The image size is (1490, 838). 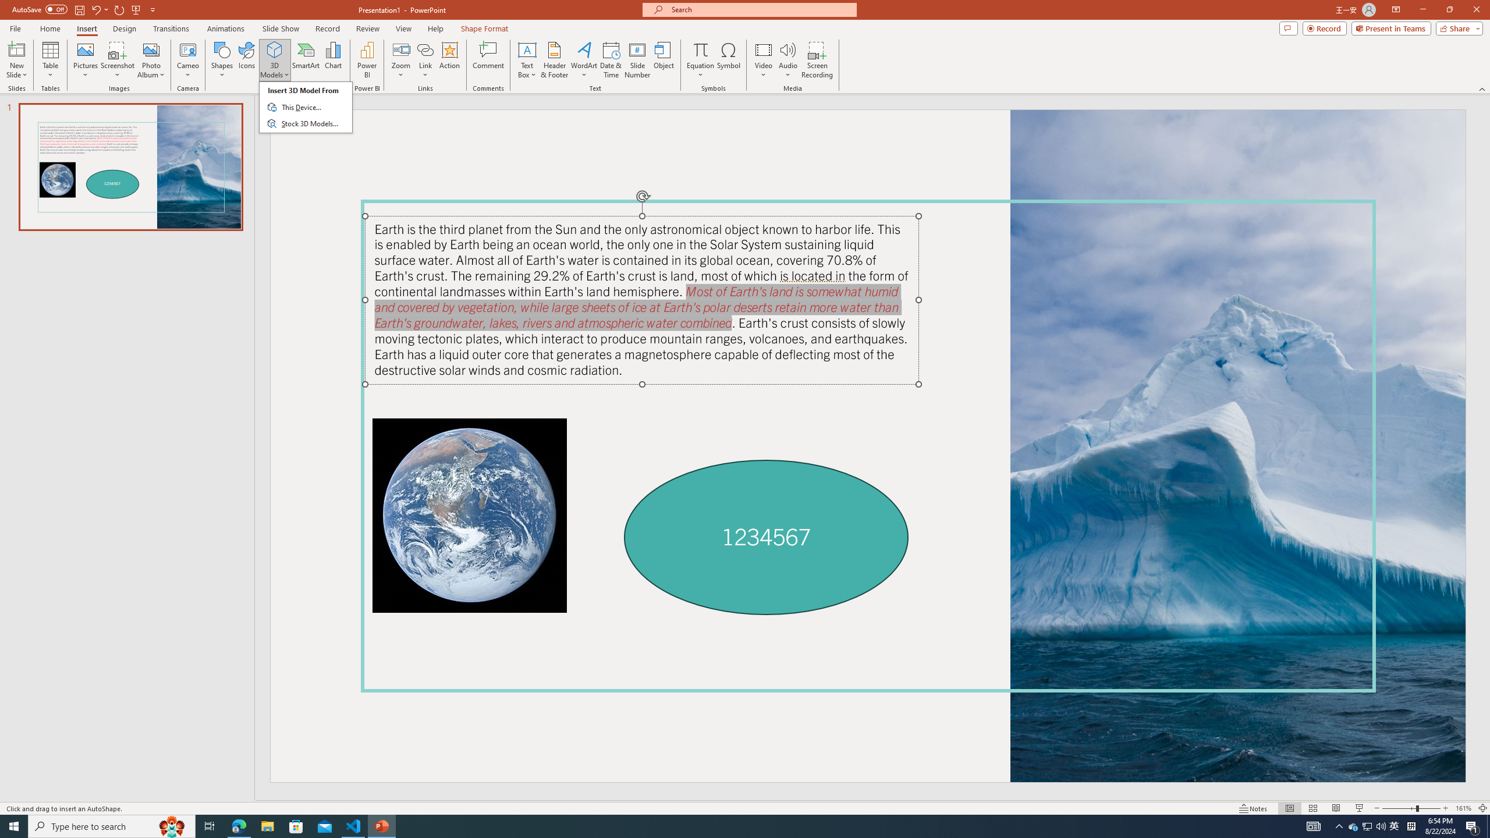 I want to click on 'Date & Time...', so click(x=610, y=60).